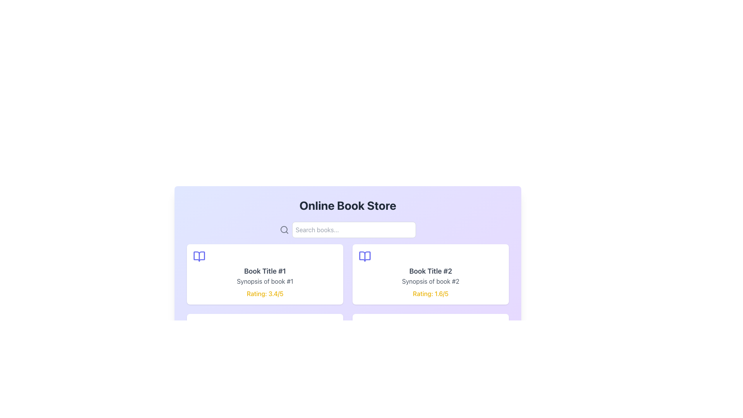  I want to click on the search input field by indirectly interacting with the search icon located to the left of it in the search bar, so click(284, 230).